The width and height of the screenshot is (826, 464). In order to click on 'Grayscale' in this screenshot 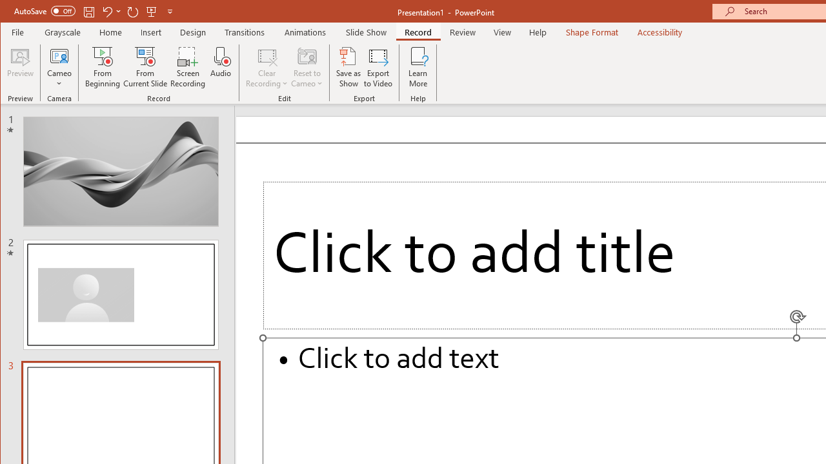, I will do `click(62, 32)`.